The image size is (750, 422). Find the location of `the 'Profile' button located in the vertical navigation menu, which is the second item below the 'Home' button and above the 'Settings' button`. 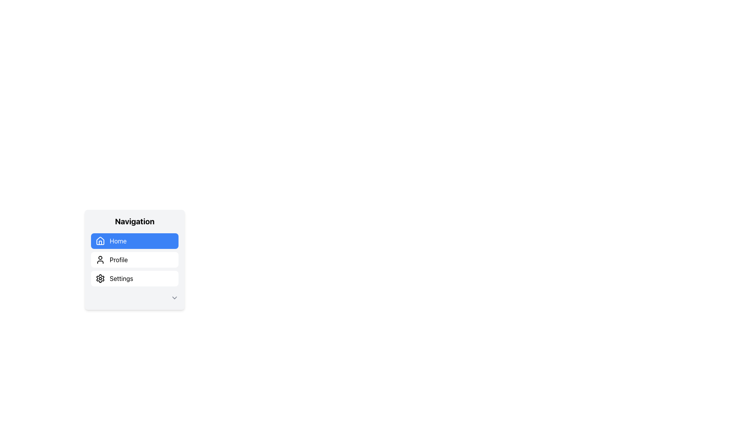

the 'Profile' button located in the vertical navigation menu, which is the second item below the 'Home' button and above the 'Settings' button is located at coordinates (135, 259).